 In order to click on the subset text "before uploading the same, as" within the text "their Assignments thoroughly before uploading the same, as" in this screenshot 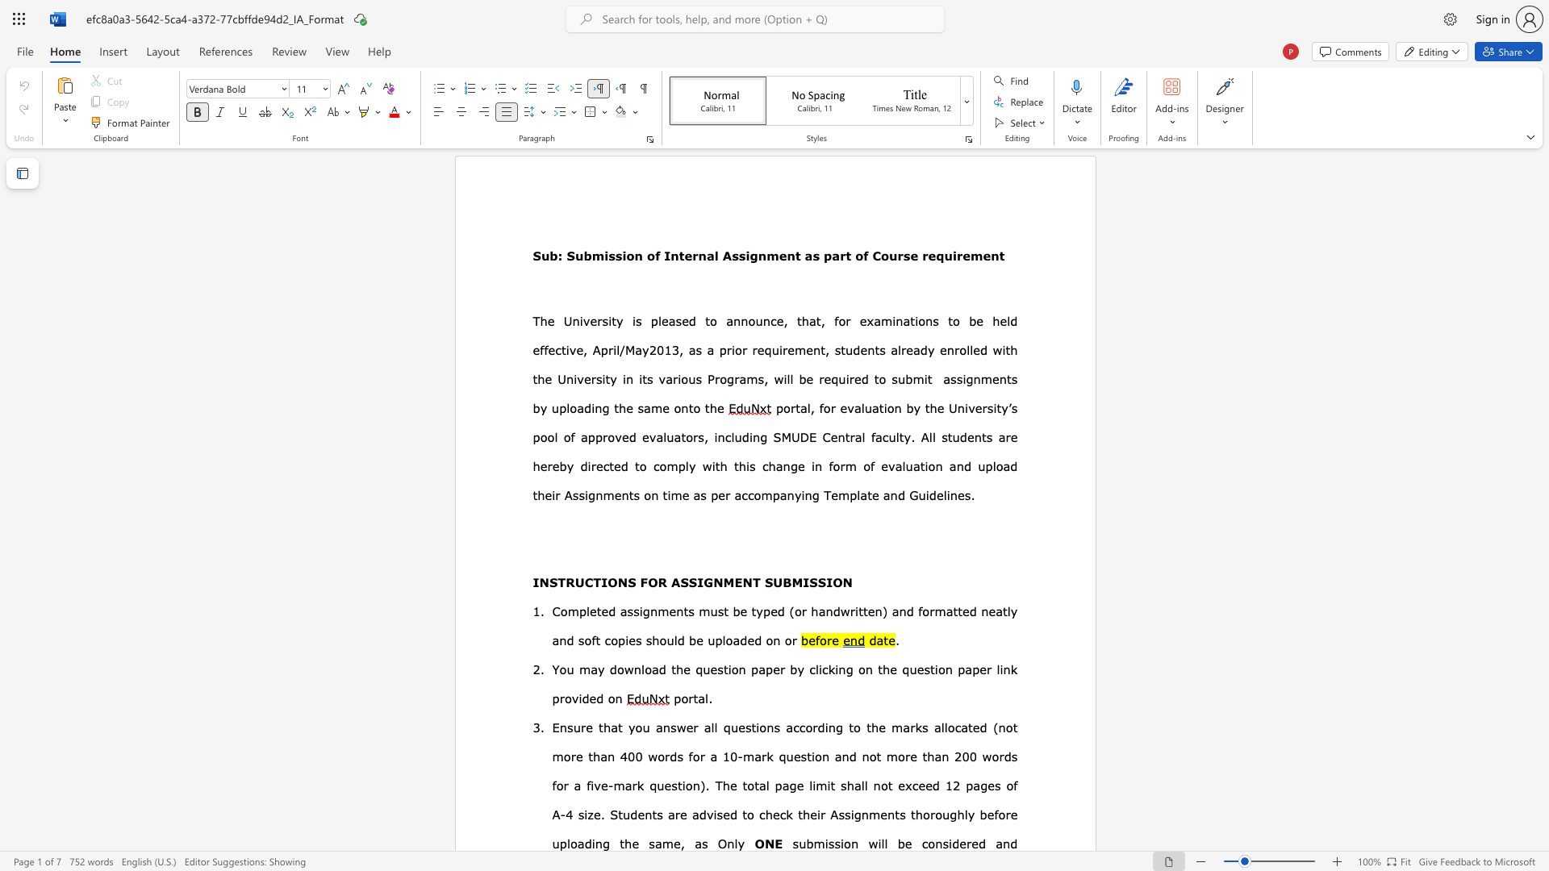, I will do `click(979, 815)`.